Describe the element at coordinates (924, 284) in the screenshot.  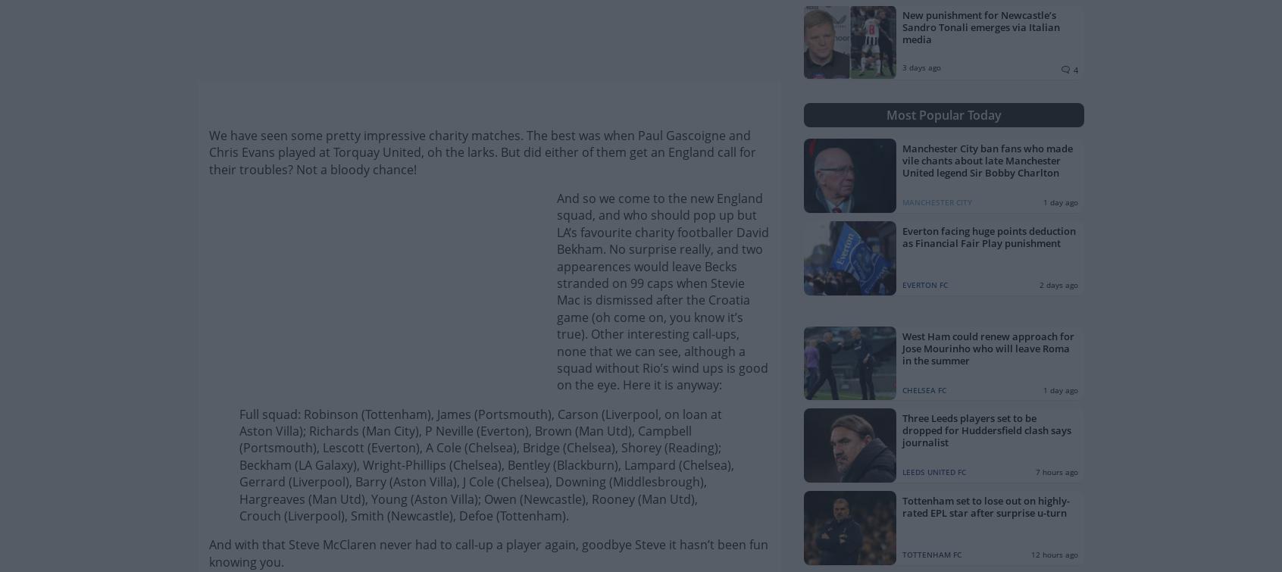
I see `'Everton FC'` at that location.